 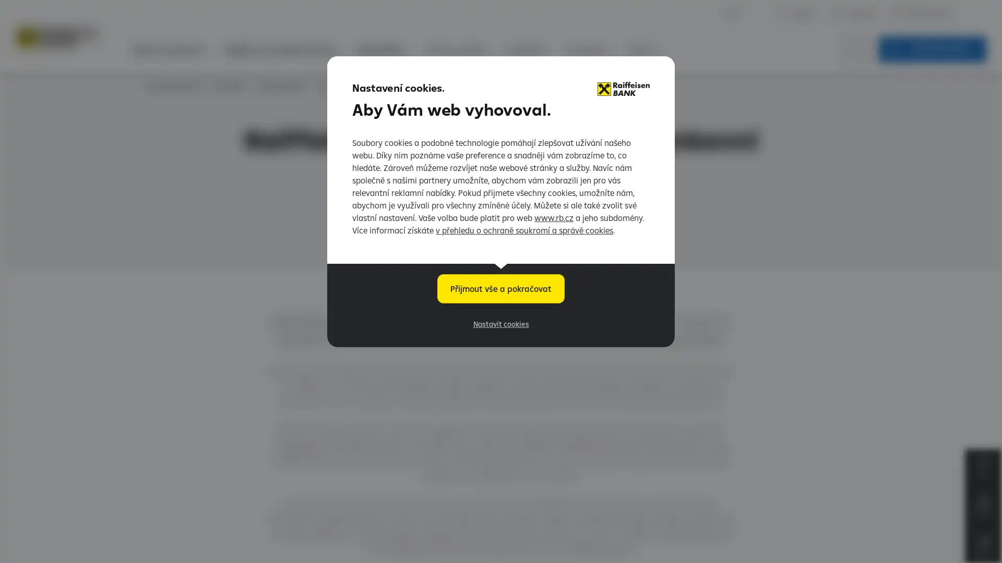 What do you see at coordinates (500, 323) in the screenshot?
I see `Nastavit cookies` at bounding box center [500, 323].